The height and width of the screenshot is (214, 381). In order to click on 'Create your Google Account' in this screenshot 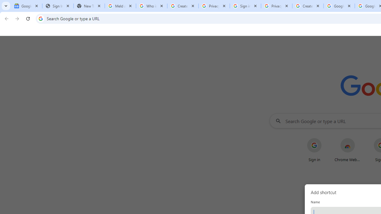, I will do `click(308, 6)`.